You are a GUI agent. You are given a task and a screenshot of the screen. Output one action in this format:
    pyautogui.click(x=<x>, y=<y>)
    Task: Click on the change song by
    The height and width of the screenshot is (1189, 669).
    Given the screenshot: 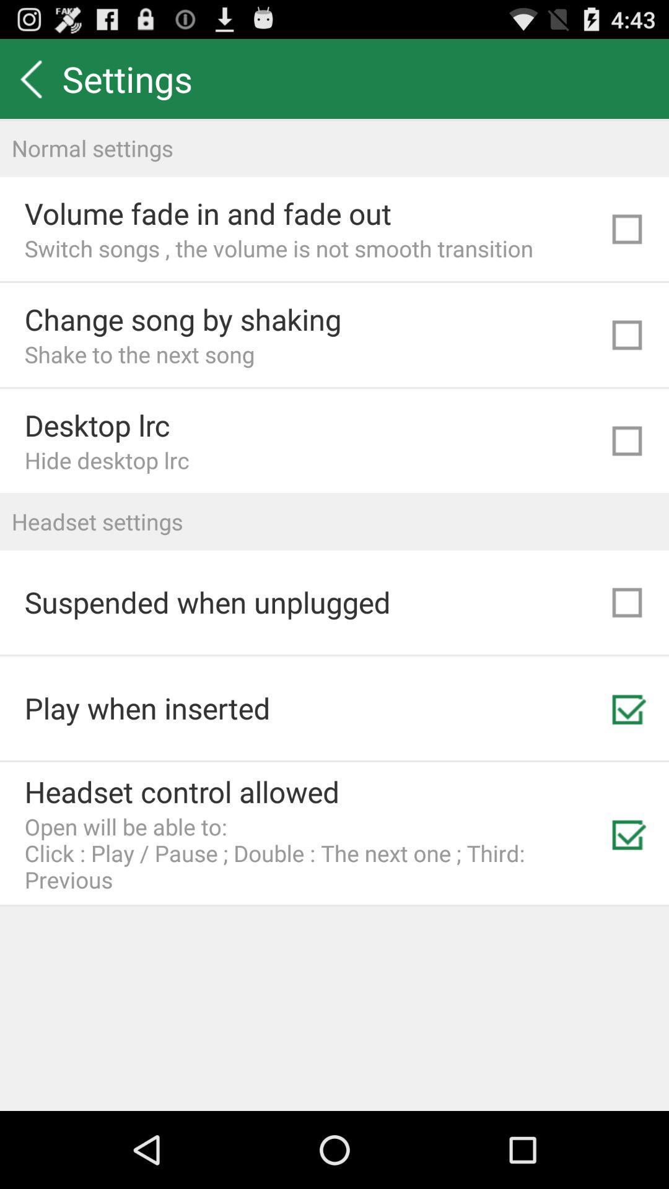 What is the action you would take?
    pyautogui.click(x=183, y=319)
    